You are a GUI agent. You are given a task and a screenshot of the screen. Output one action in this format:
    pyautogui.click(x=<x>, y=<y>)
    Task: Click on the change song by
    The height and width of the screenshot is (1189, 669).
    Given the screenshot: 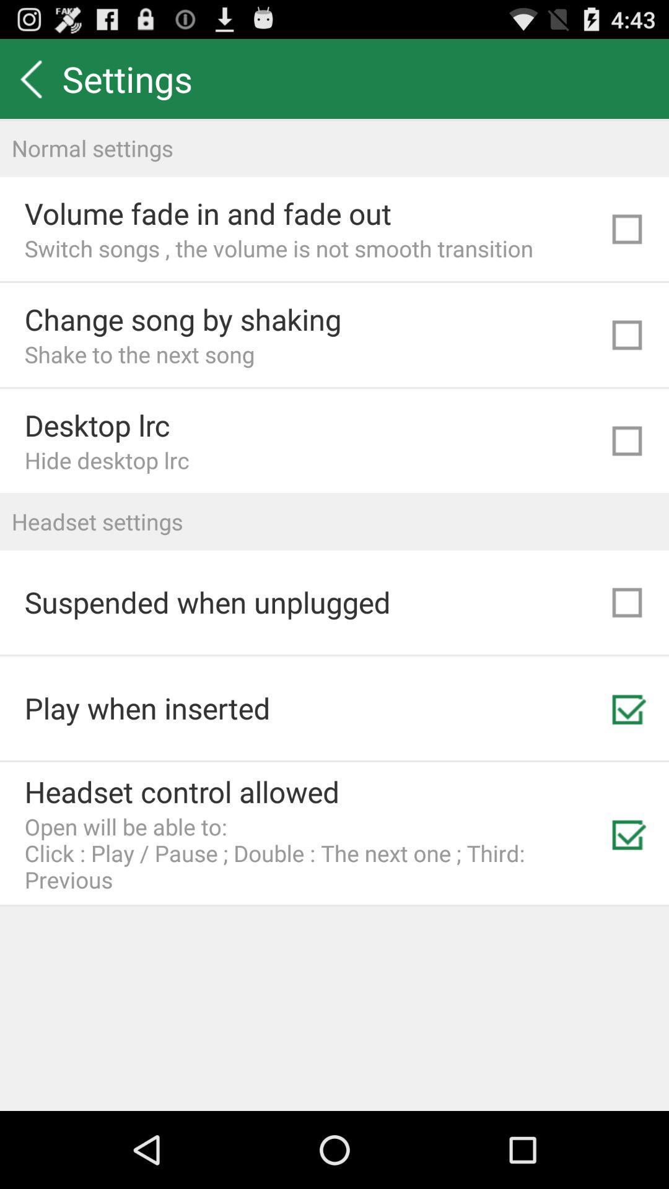 What is the action you would take?
    pyautogui.click(x=183, y=319)
    